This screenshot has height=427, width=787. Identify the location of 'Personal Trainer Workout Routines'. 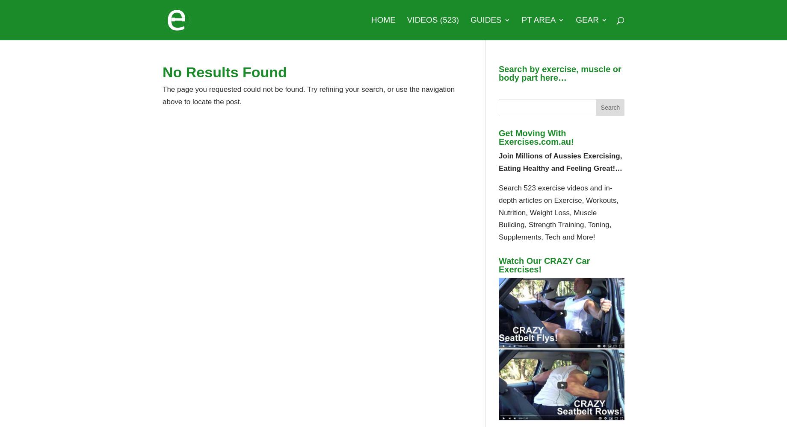
(560, 117).